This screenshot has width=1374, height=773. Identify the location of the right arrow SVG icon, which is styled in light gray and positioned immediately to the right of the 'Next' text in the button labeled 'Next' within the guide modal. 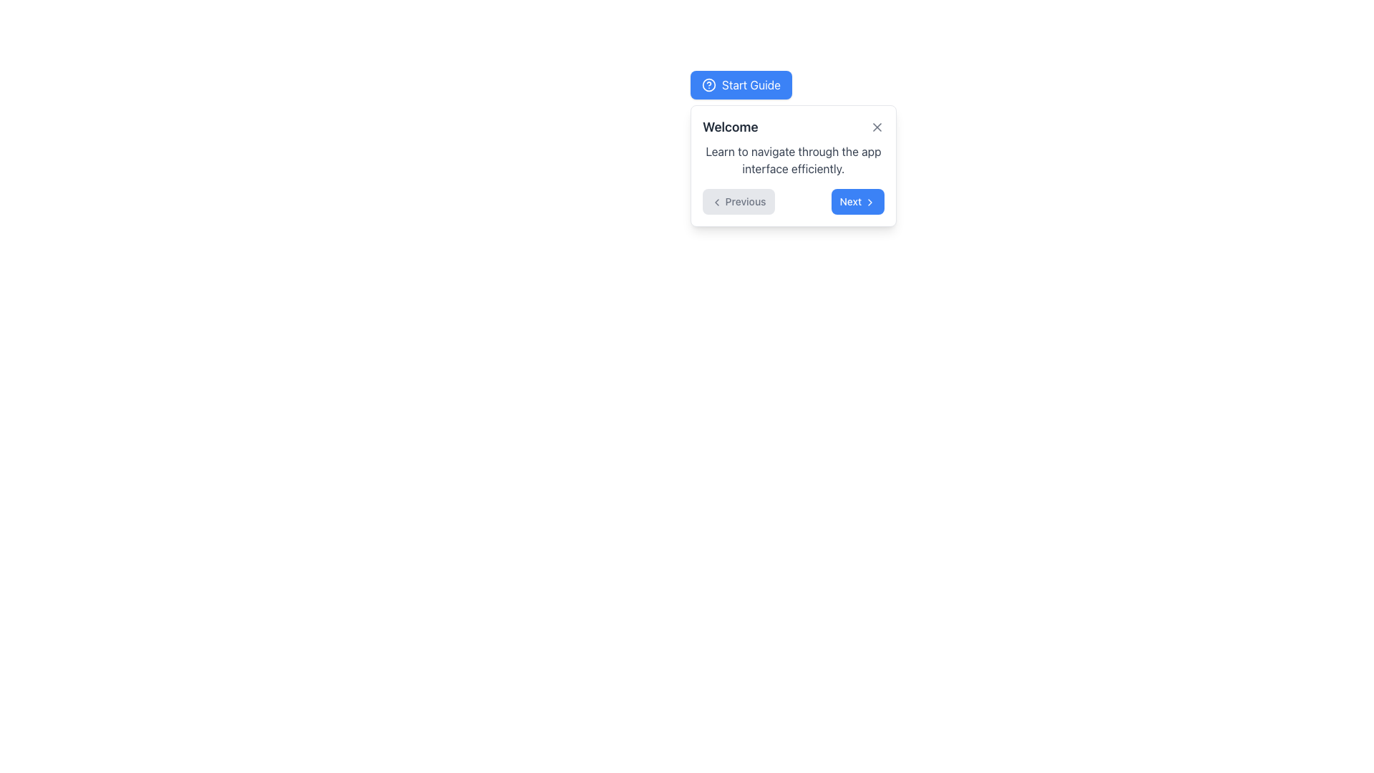
(869, 203).